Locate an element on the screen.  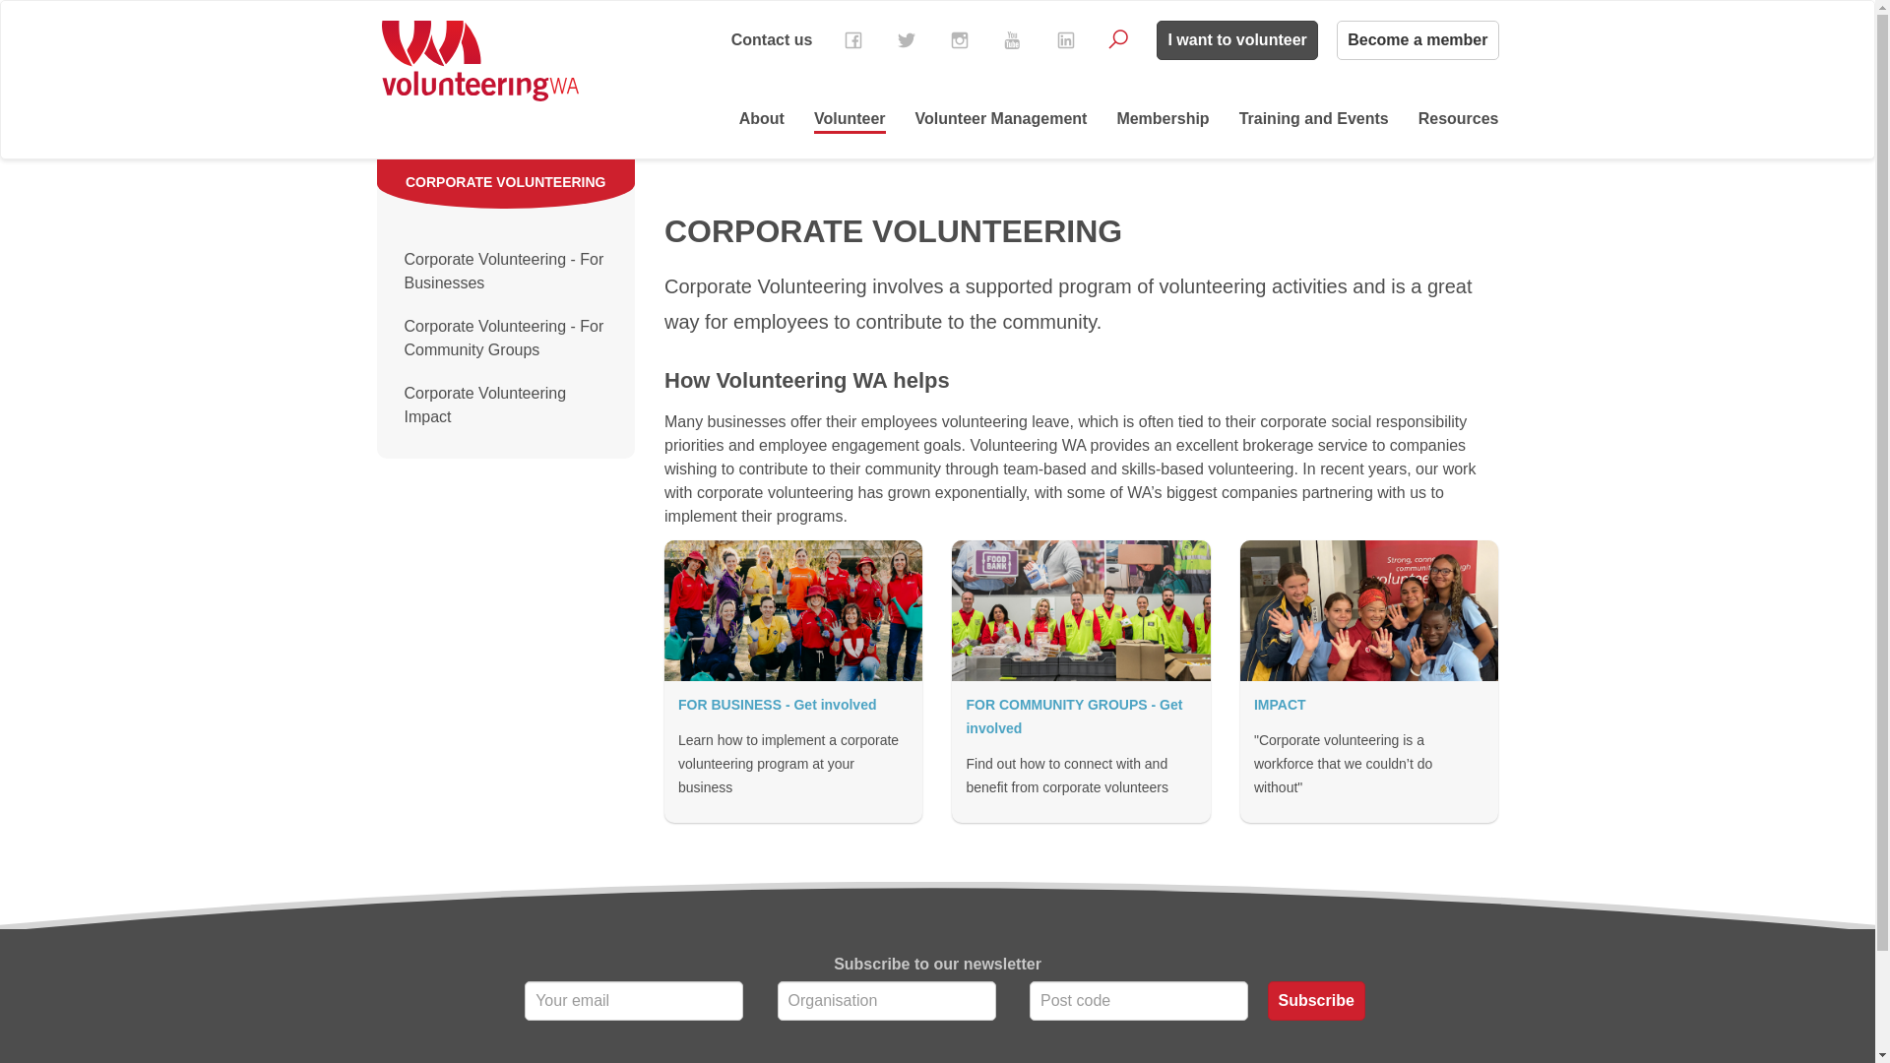
'Membership' is located at coordinates (1162, 118).